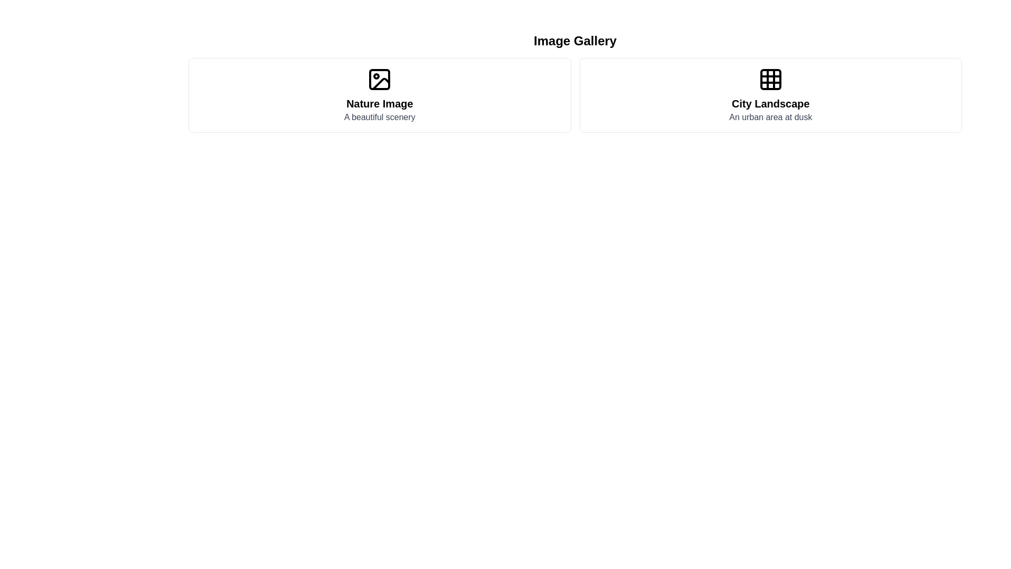 This screenshot has height=569, width=1011. I want to click on the icon in the 'City Landscape' section, so click(770, 95).